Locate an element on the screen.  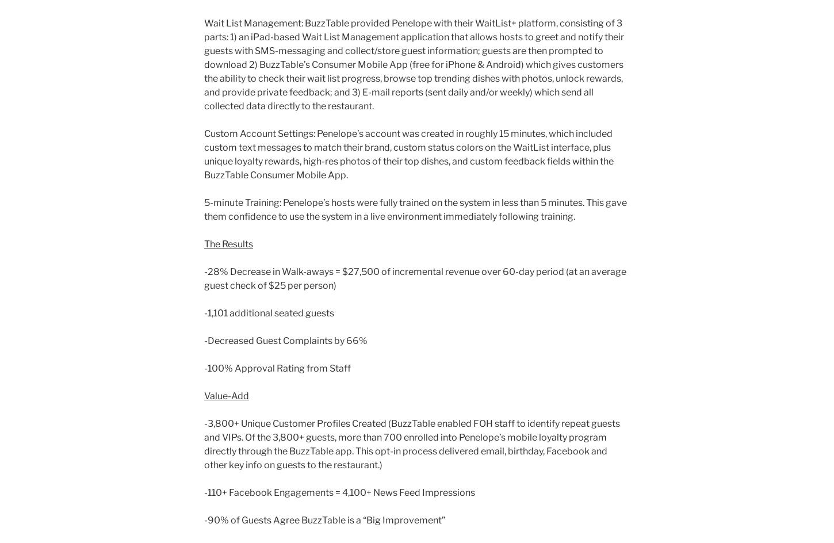
'Custom Account Settings: Penelope’s account was created in roughly 15 minutes, which included custom text messages to match their brand, custom status colors on the WaitList interface, plus unique loyalty rewards, high-res photos of their top dishes, and custom feedback fields within the BuzzTable Consumer Mobile App.' is located at coordinates (408, 154).